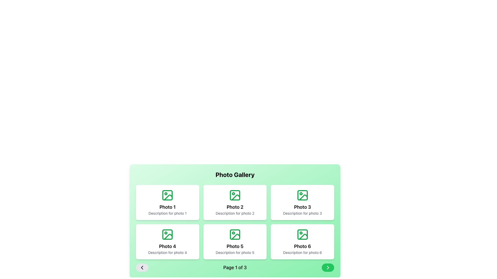 The height and width of the screenshot is (279, 497). Describe the element at coordinates (235, 252) in the screenshot. I see `the static text displaying 'Description for photo 5' located below the title 'Photo 5' in the card for 'Photo 5' in the grid layout` at that location.